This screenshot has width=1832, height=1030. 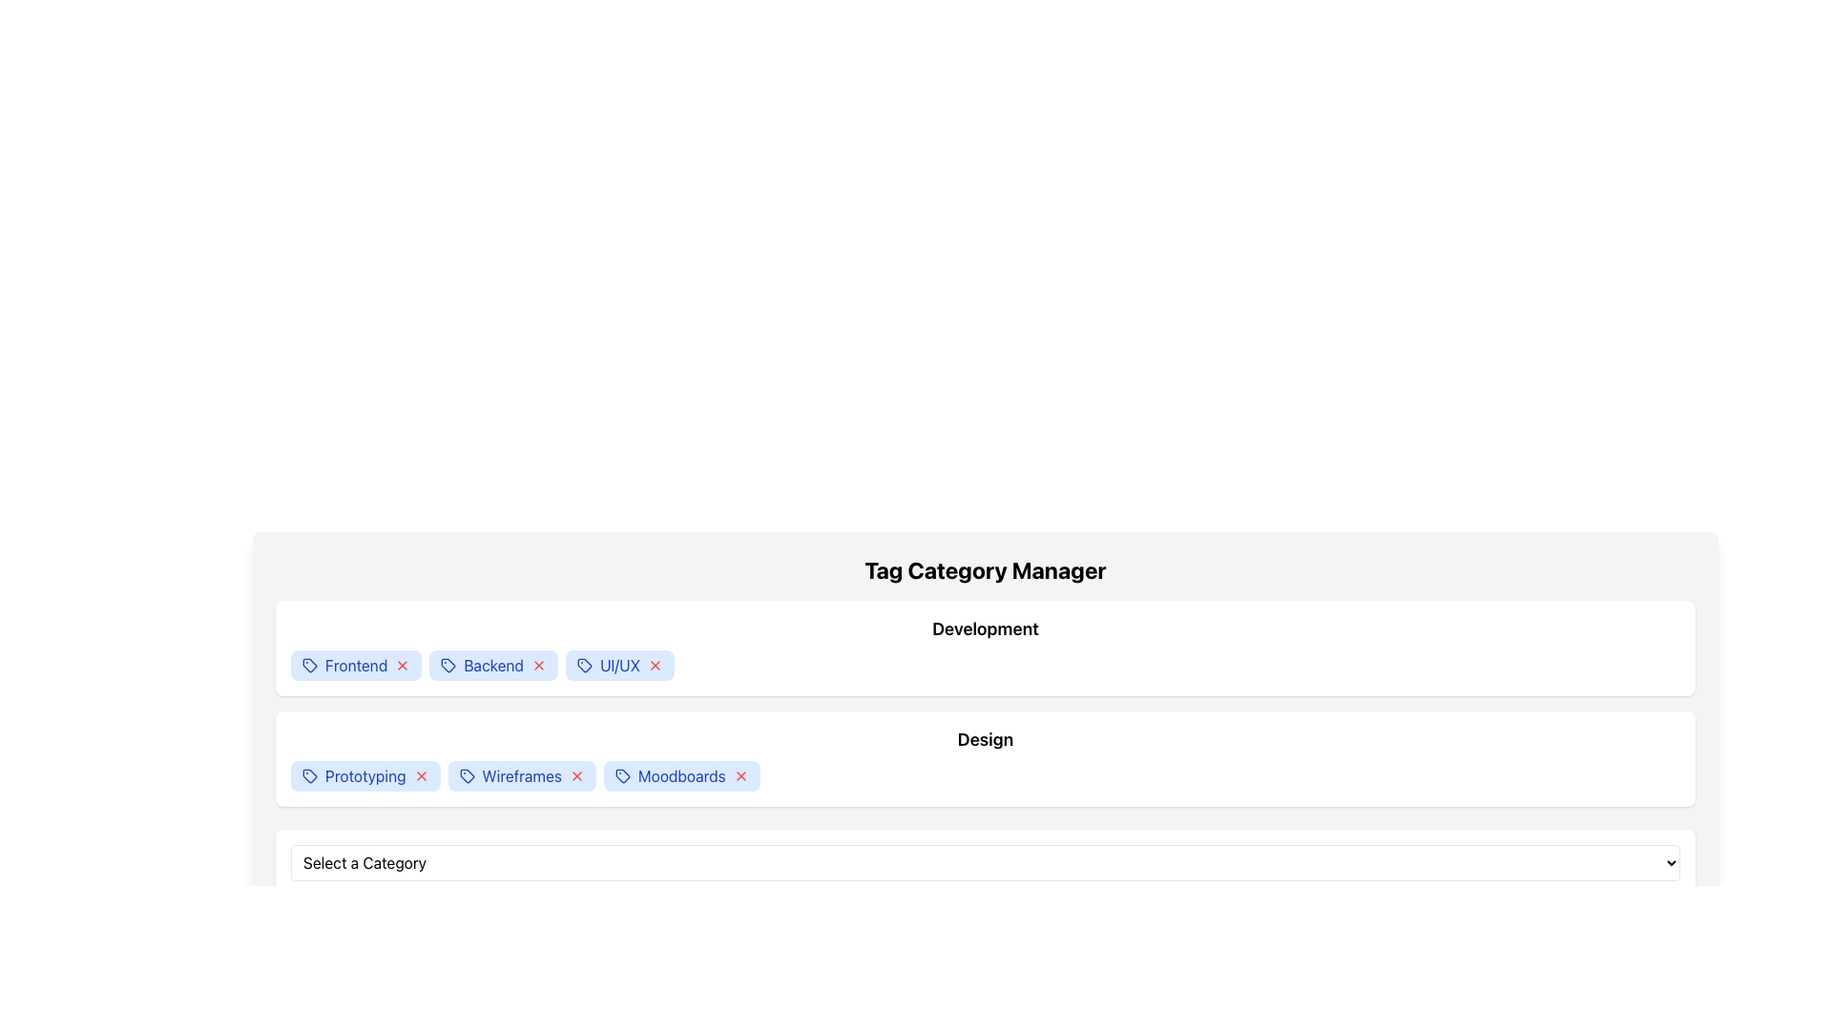 What do you see at coordinates (622, 775) in the screenshot?
I see `the body section of the tag icon in the 'Design' row of the 'Tag Category Manager', adjacent to the 'Moodboards' tag label` at bounding box center [622, 775].